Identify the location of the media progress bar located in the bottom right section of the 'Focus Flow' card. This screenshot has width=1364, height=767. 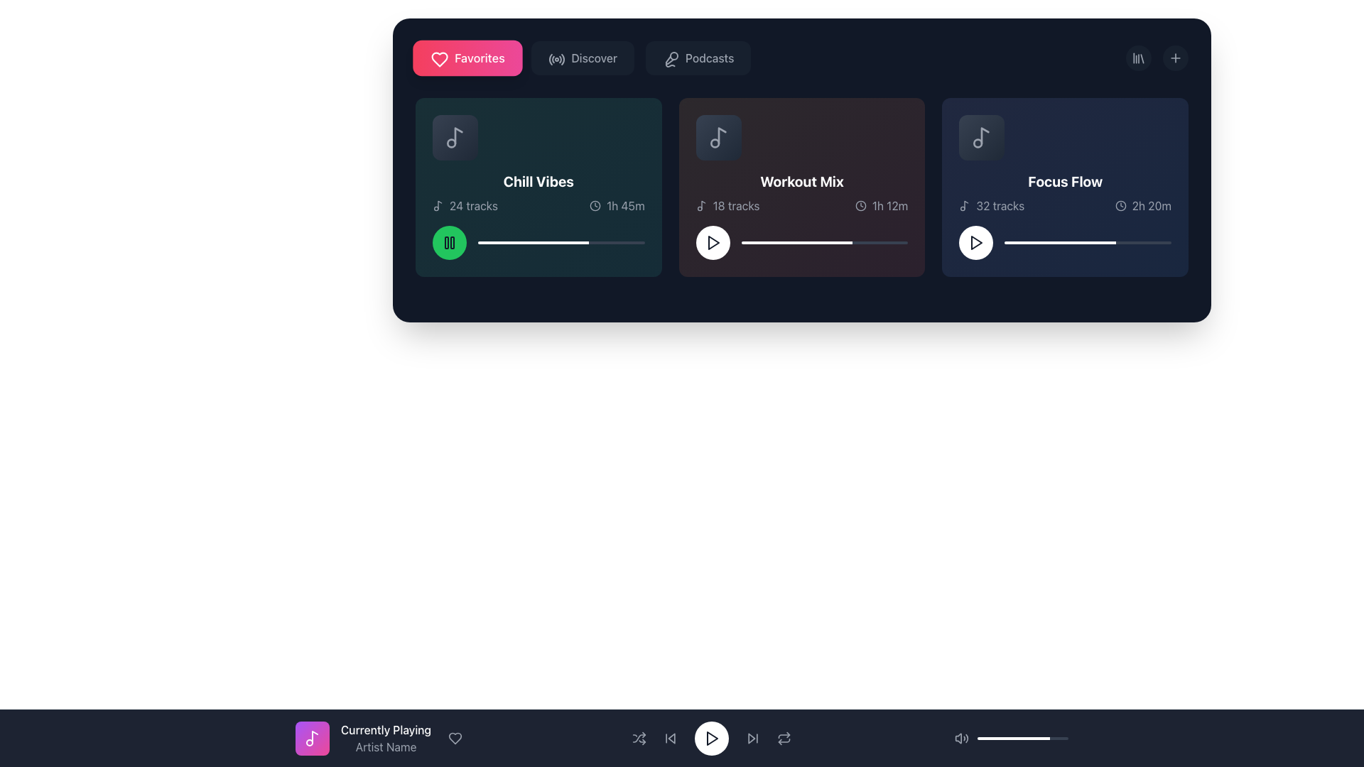
(1065, 242).